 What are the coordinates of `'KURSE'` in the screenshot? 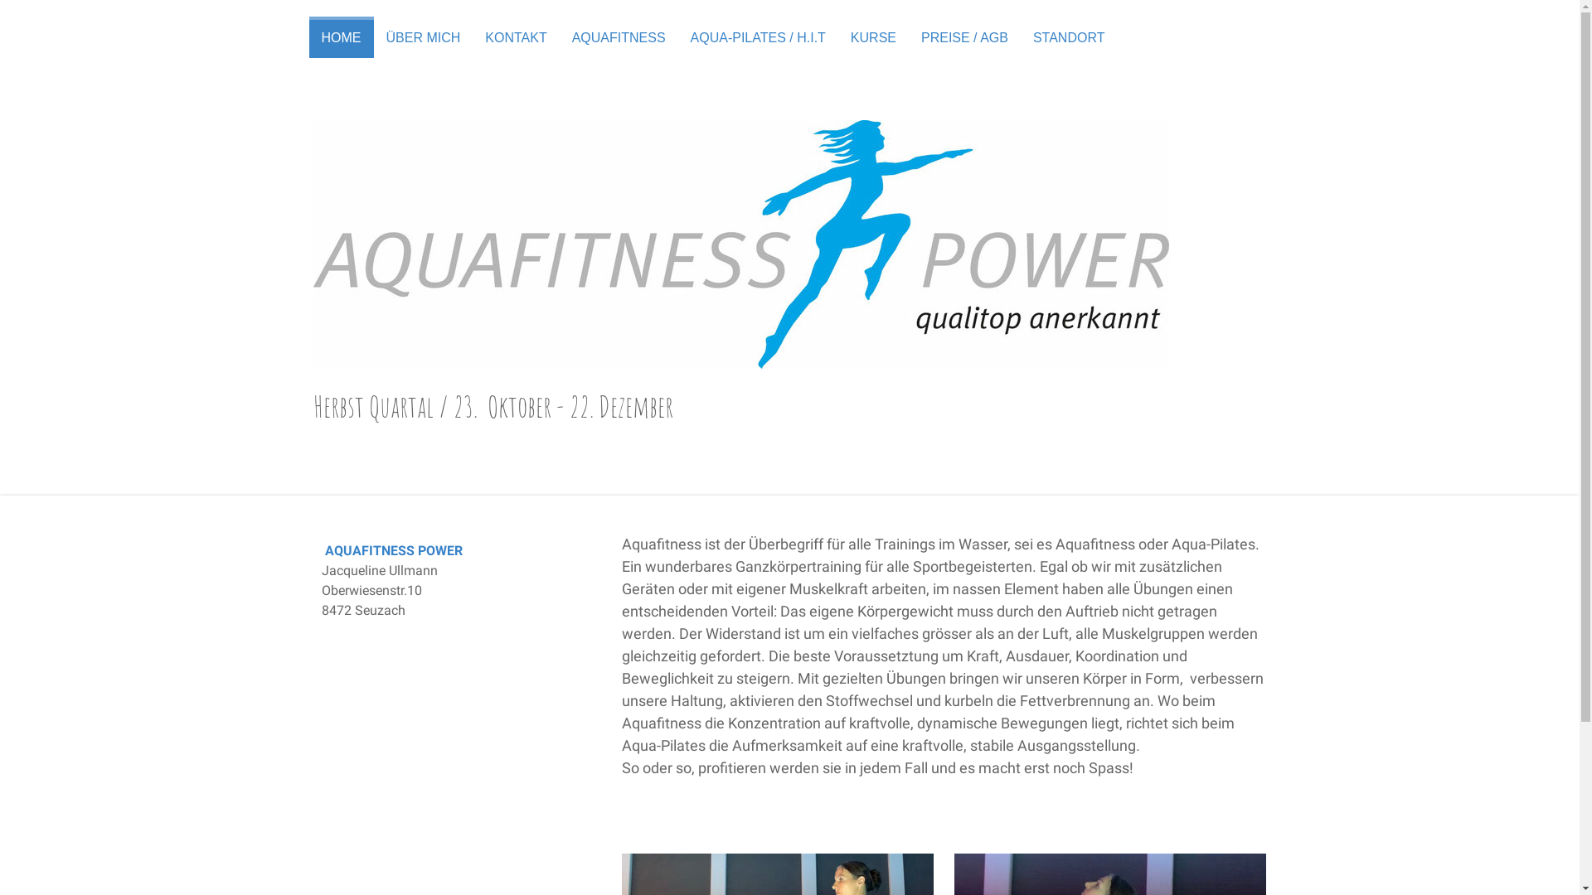 It's located at (872, 37).